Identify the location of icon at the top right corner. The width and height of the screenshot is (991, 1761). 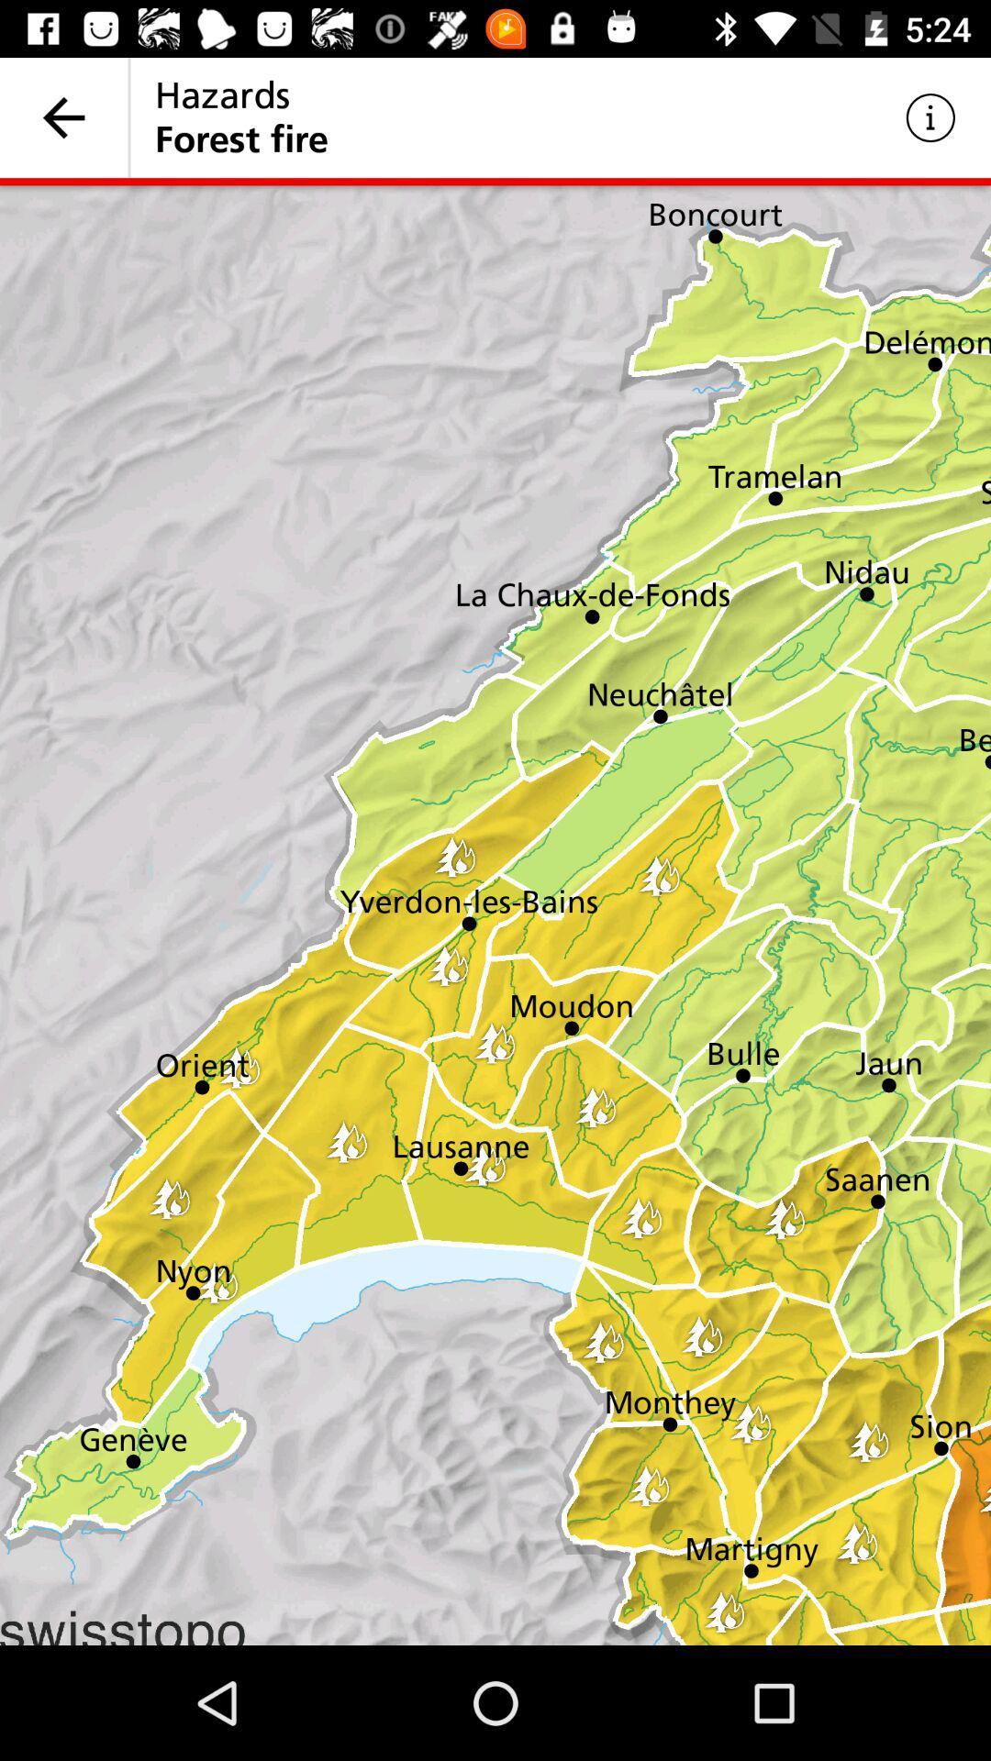
(930, 116).